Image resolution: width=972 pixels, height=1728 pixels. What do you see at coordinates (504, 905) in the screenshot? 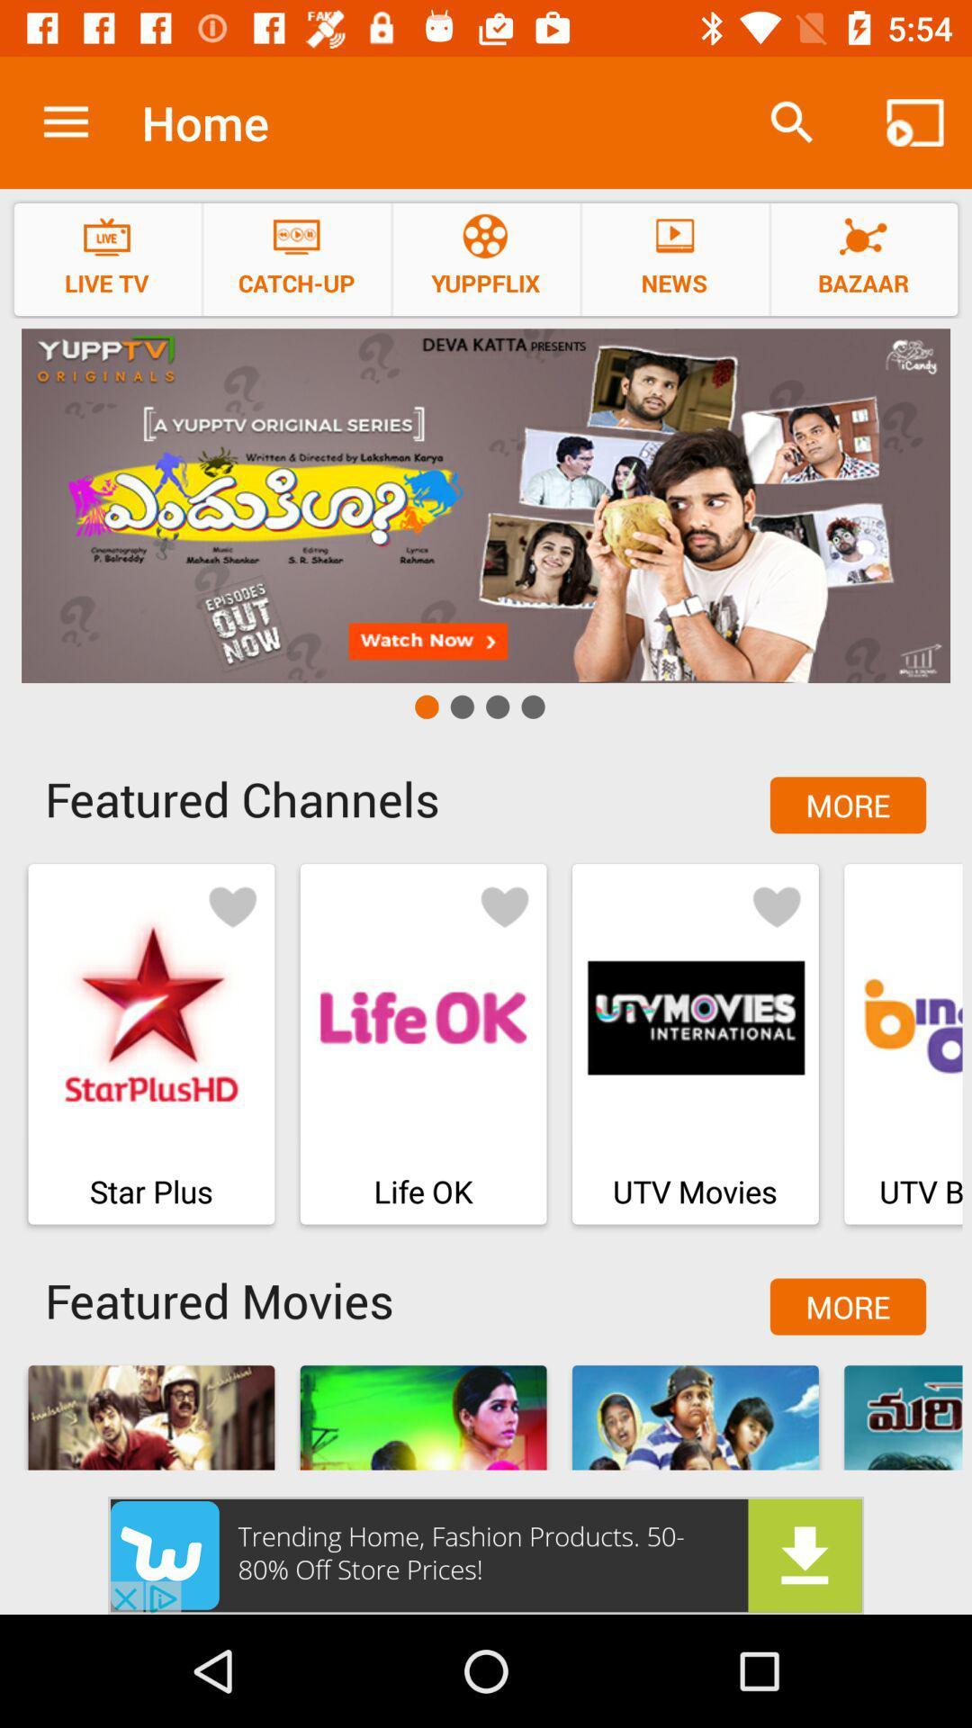
I see `like the channel` at bounding box center [504, 905].